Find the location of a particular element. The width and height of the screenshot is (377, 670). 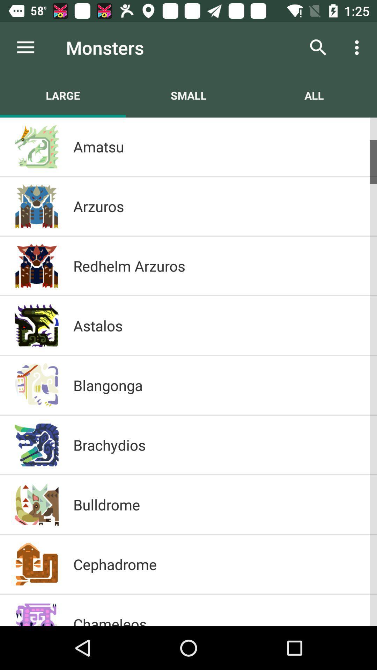

bulldrome item is located at coordinates (217, 504).